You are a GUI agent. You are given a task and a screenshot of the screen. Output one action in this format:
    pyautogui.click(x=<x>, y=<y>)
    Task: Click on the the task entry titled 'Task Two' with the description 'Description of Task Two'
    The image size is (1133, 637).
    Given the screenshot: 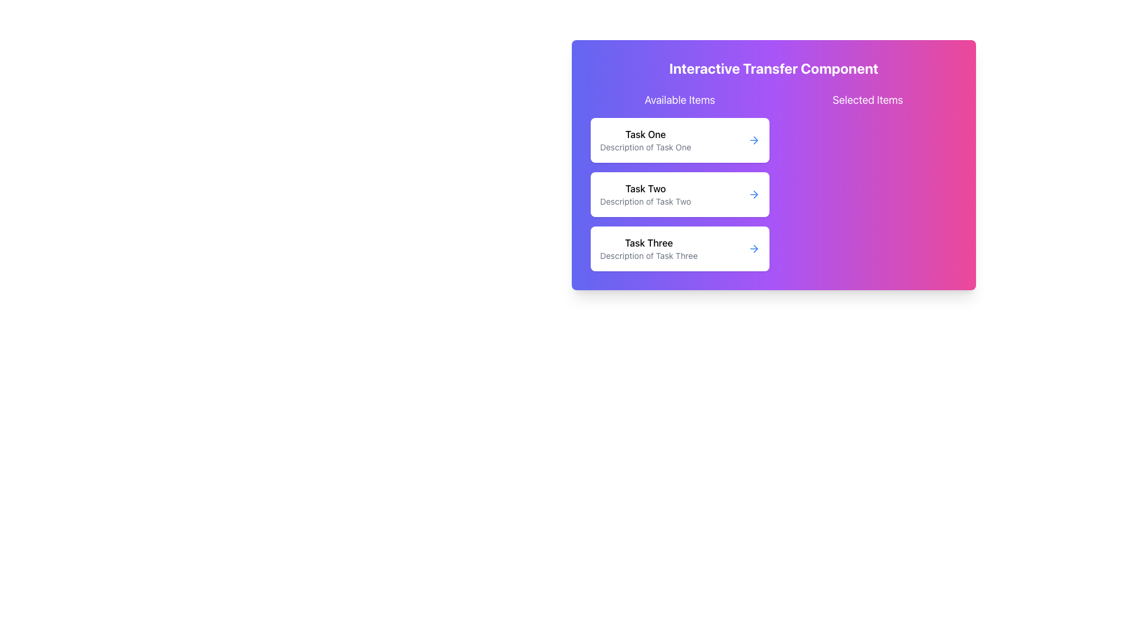 What is the action you would take?
    pyautogui.click(x=680, y=194)
    